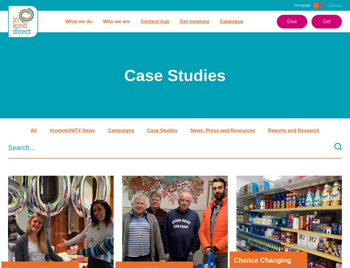 Image resolution: width=350 pixels, height=268 pixels. What do you see at coordinates (225, 255) in the screenshot?
I see `'Useful links'` at bounding box center [225, 255].